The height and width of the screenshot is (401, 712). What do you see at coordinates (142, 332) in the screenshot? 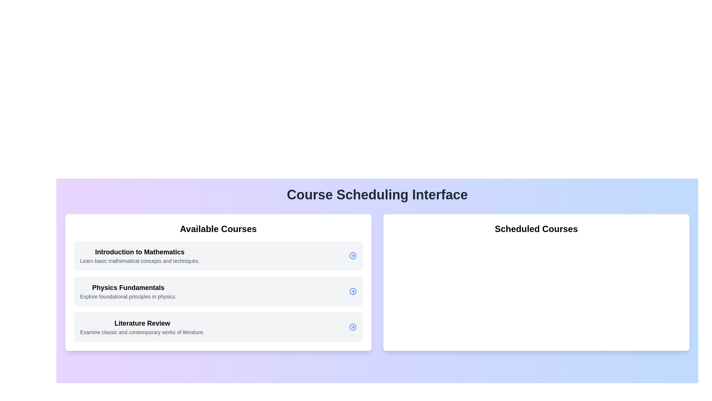
I see `the text element providing a brief description of the course 'Literature Review', located beneath the bold title in the third course card of the 'Available Courses' section` at bounding box center [142, 332].